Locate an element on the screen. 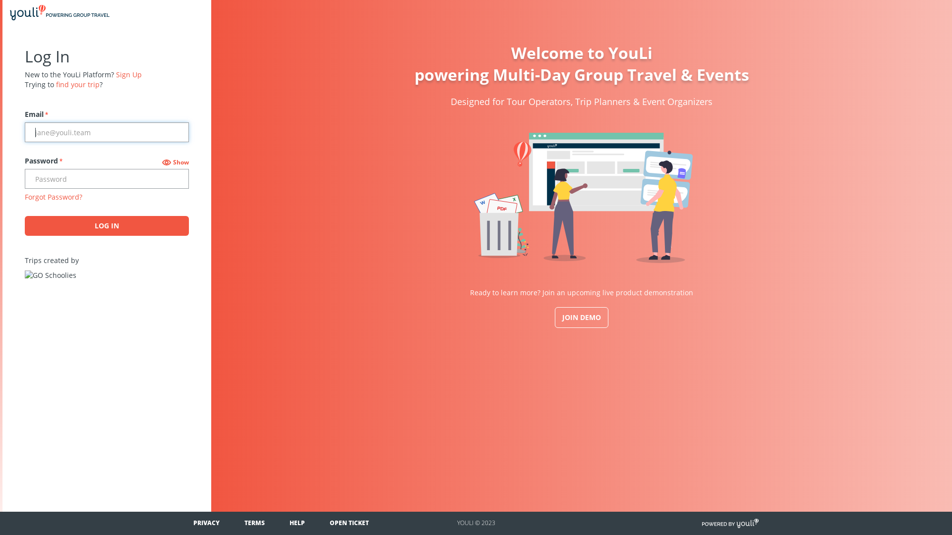 Image resolution: width=952 pixels, height=535 pixels. 'LOG IN' is located at coordinates (107, 225).